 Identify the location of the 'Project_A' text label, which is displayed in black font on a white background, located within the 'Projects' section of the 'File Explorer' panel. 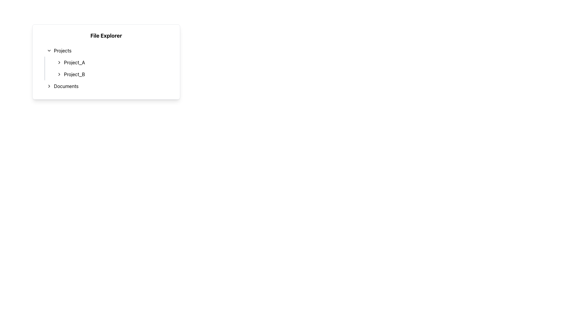
(74, 63).